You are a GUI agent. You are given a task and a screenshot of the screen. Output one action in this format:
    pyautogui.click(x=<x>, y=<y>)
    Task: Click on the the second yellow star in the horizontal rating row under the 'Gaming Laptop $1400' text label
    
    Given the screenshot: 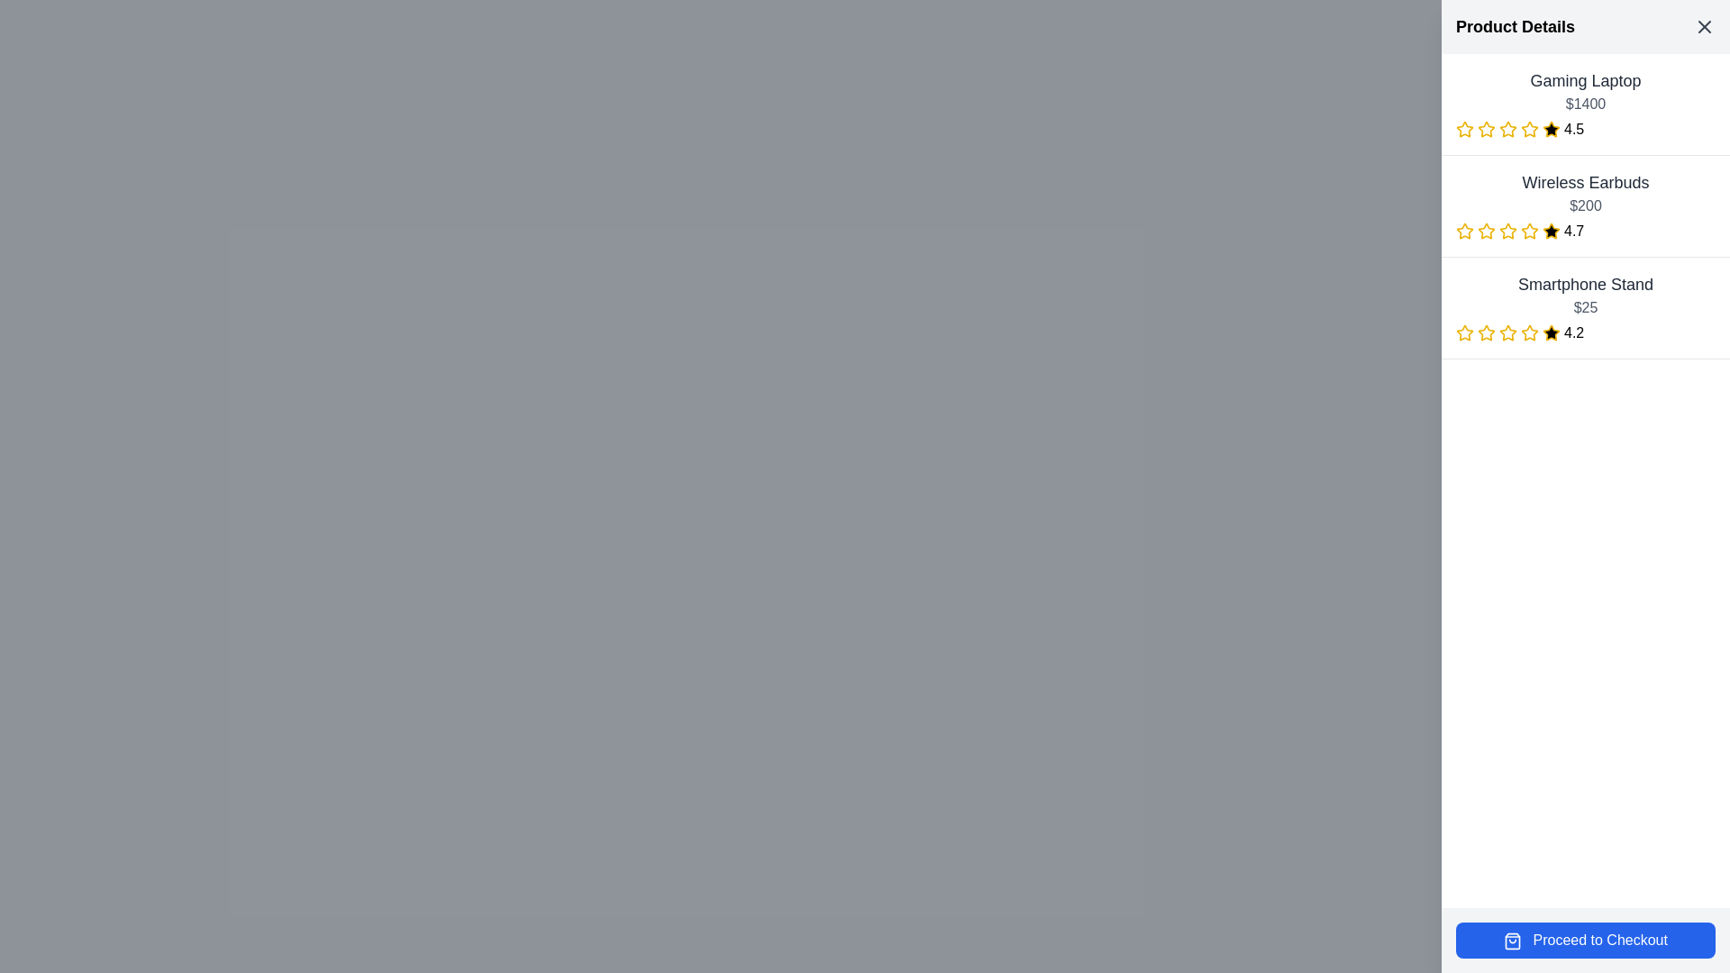 What is the action you would take?
    pyautogui.click(x=1486, y=127)
    